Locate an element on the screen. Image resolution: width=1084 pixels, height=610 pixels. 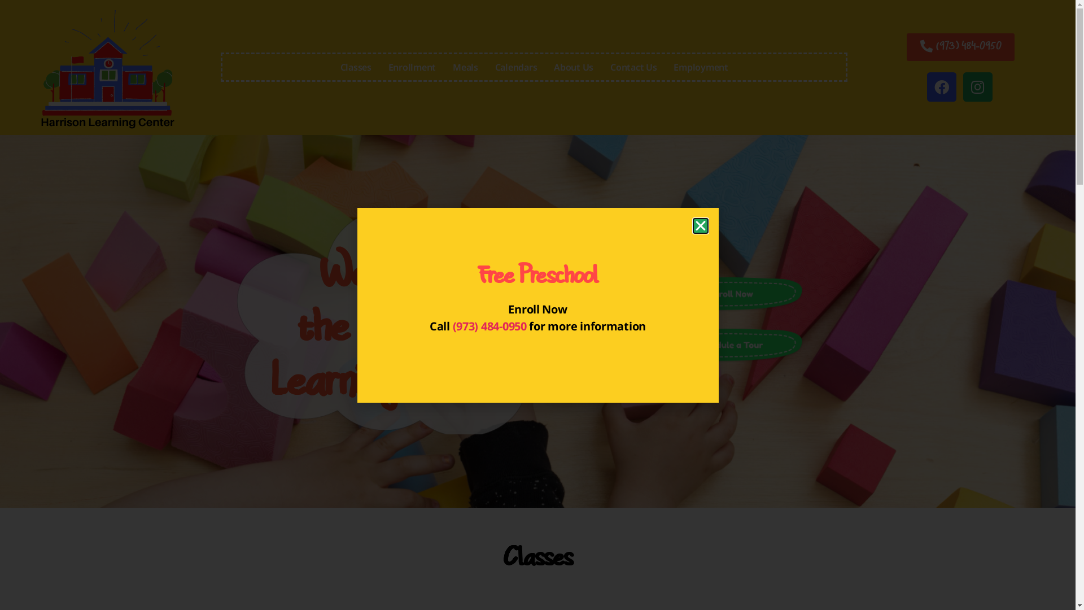
'Enrollment' is located at coordinates (411, 67).